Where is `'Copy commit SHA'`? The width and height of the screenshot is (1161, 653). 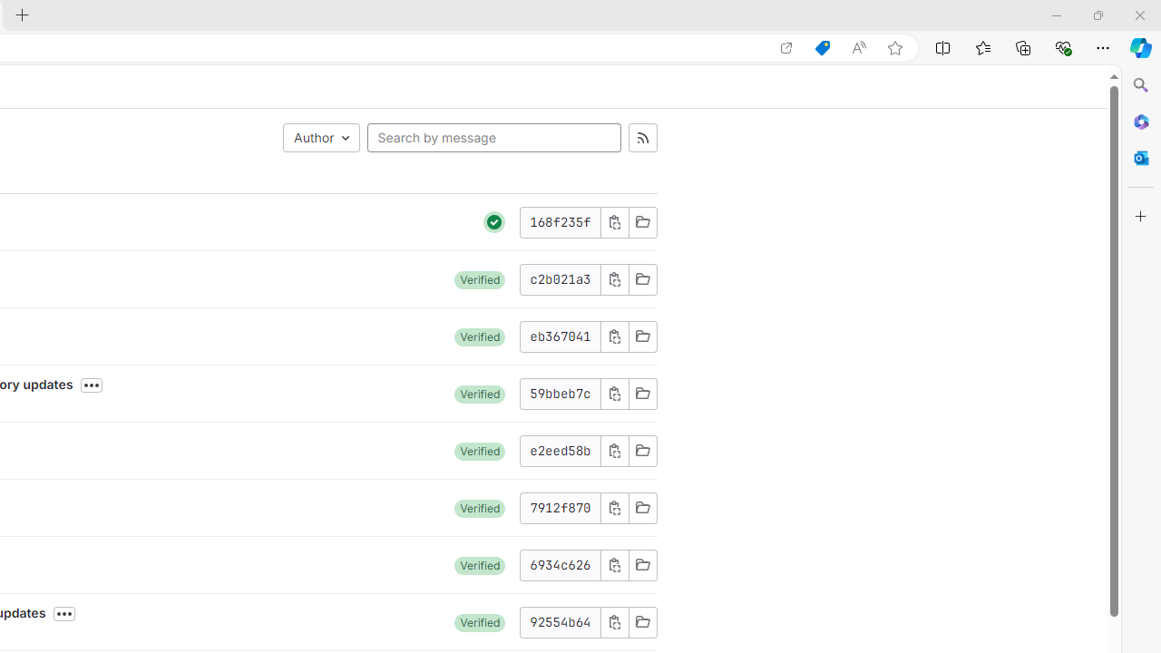
'Copy commit SHA' is located at coordinates (614, 621).